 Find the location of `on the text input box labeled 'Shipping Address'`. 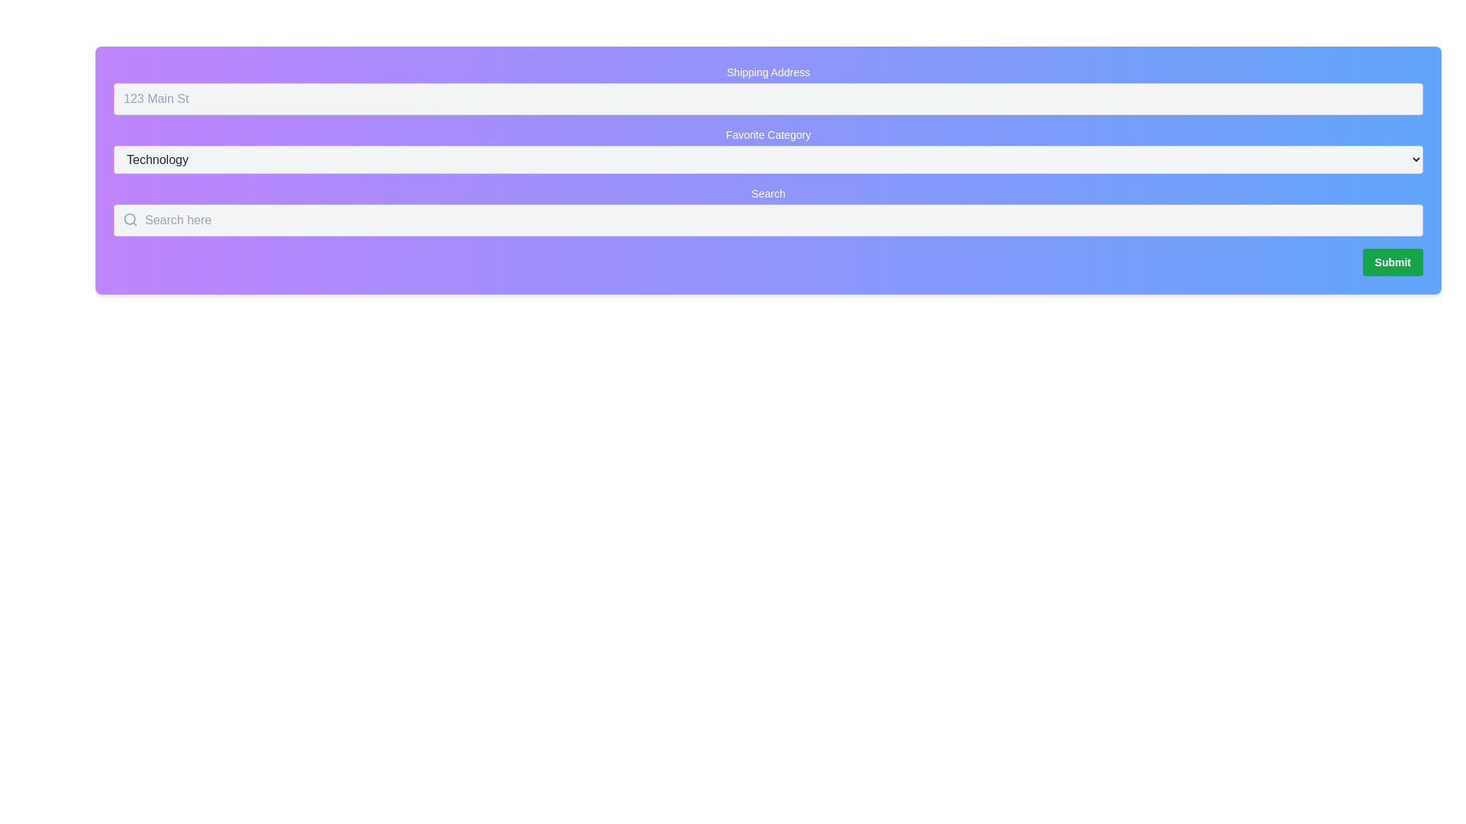

on the text input box labeled 'Shipping Address' is located at coordinates (768, 90).